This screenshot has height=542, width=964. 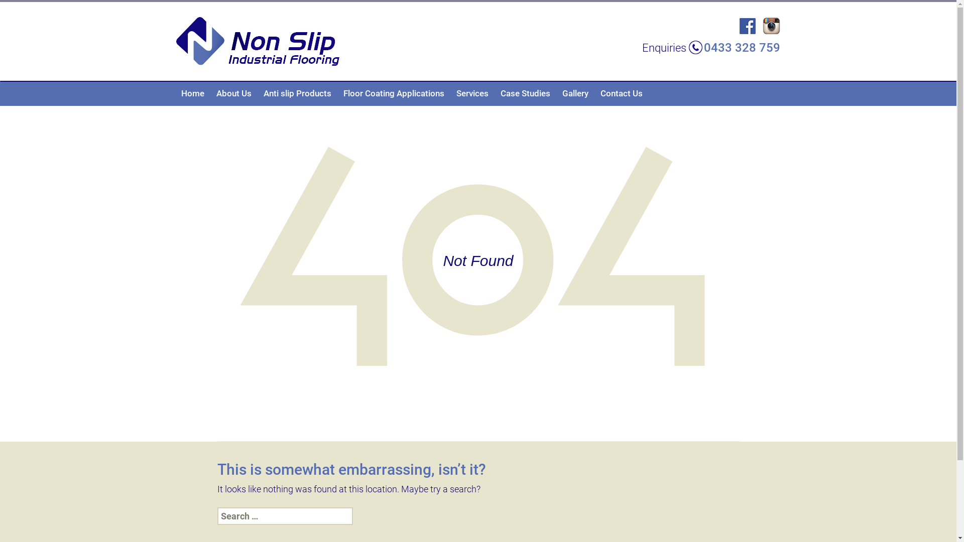 I want to click on 'Home', so click(x=193, y=93).